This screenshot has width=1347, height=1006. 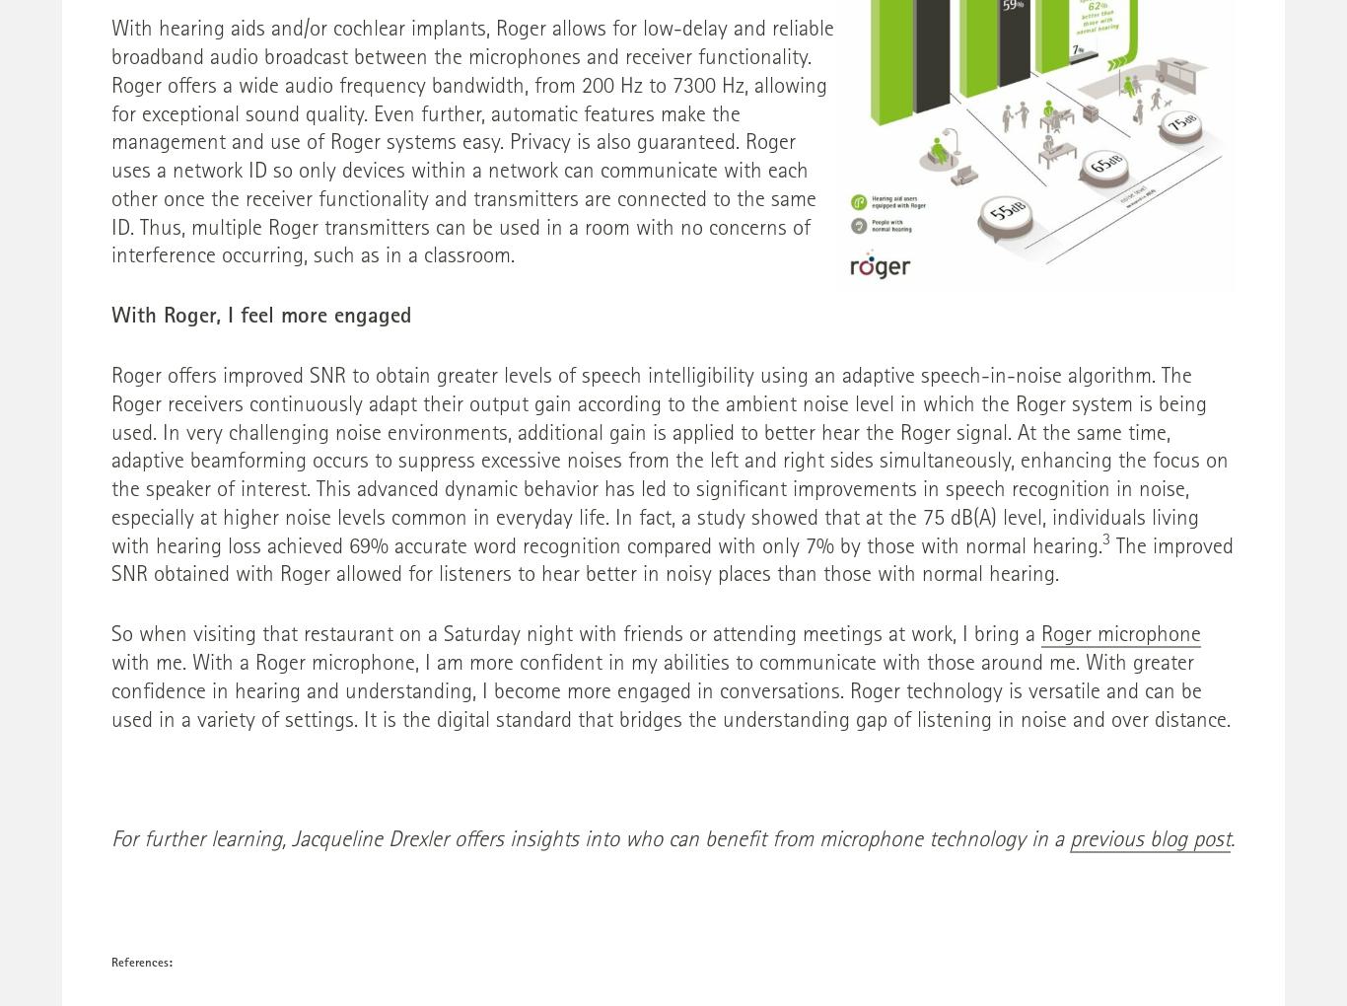 I want to click on 'For further learning, Jacqueline Drexler offers insights into who can benefit from microphone technology in a', so click(x=589, y=840).